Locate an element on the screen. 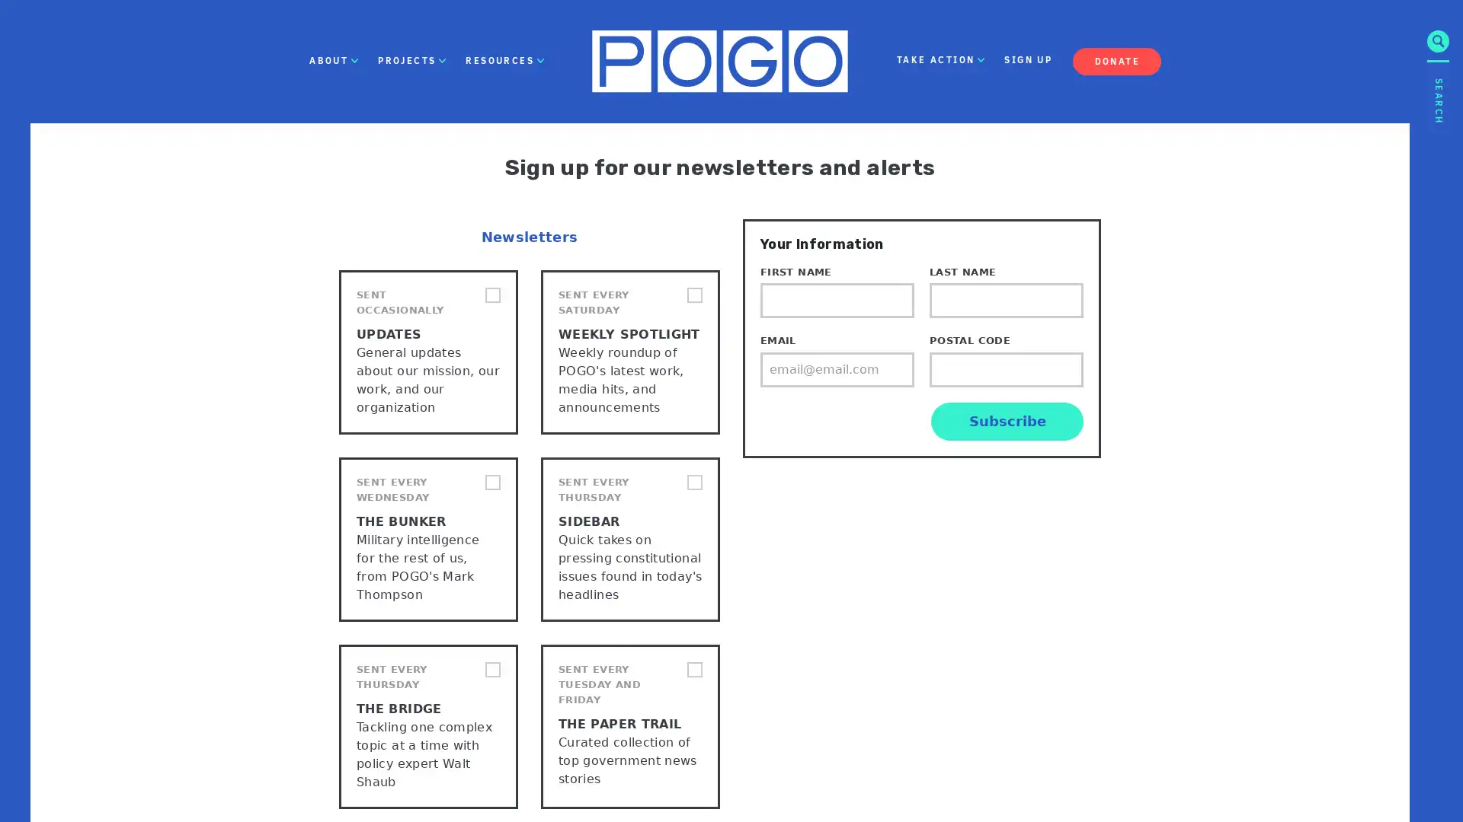 The width and height of the screenshot is (1463, 822). ABOUT is located at coordinates (333, 60).